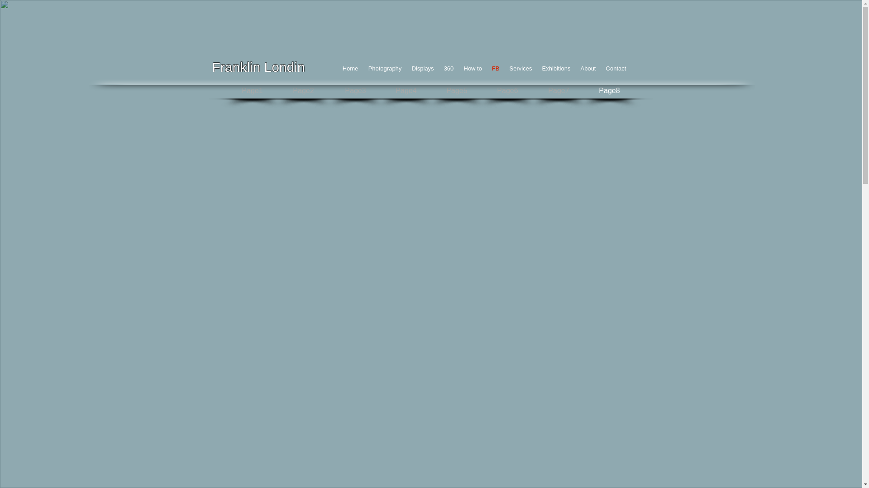  I want to click on '360', so click(449, 68).